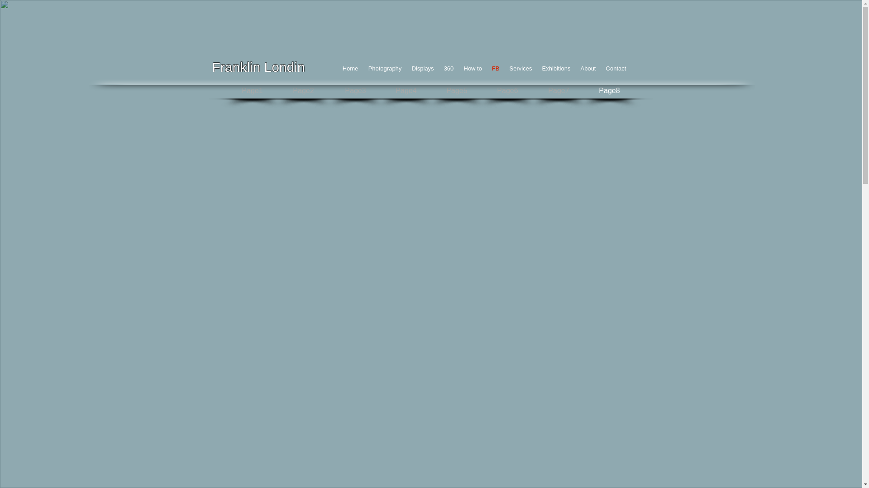  I want to click on '360', so click(449, 68).